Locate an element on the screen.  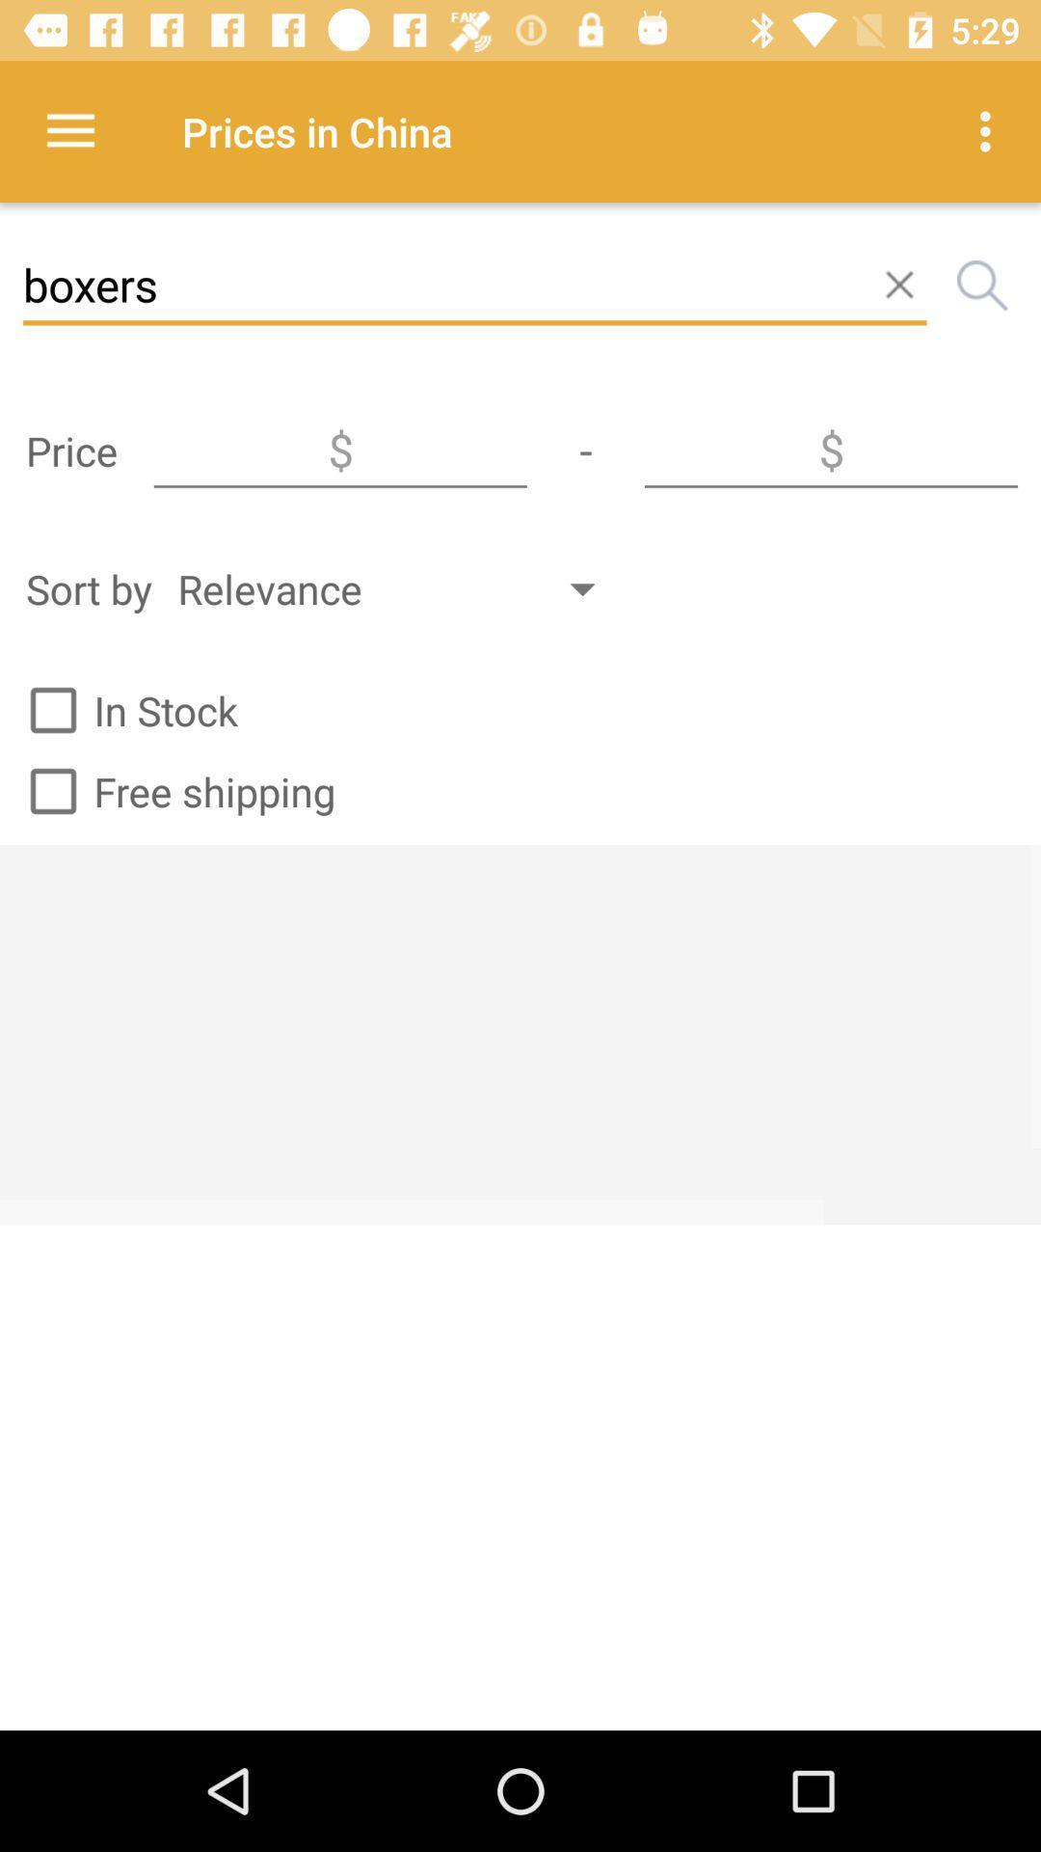
free shipping icon is located at coordinates (173, 791).